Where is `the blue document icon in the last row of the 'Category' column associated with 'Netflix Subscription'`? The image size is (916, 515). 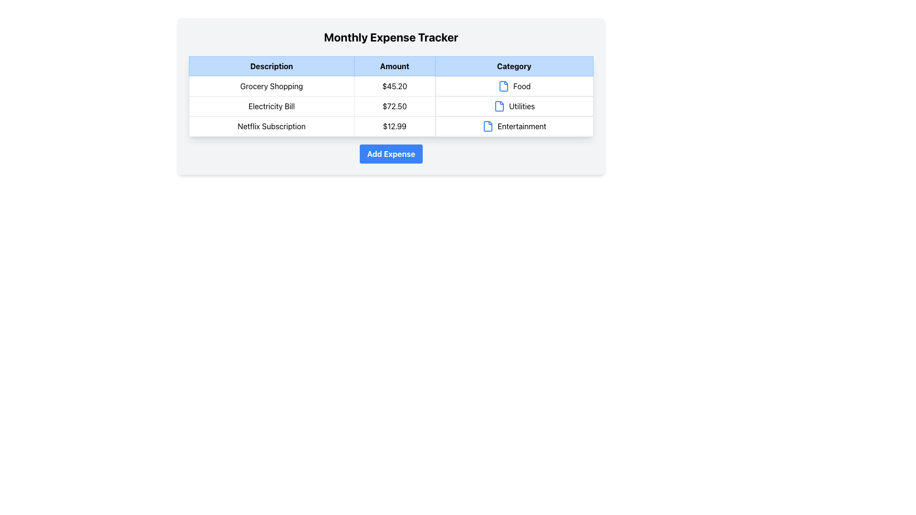
the blue document icon in the last row of the 'Category' column associated with 'Netflix Subscription' is located at coordinates (488, 126).